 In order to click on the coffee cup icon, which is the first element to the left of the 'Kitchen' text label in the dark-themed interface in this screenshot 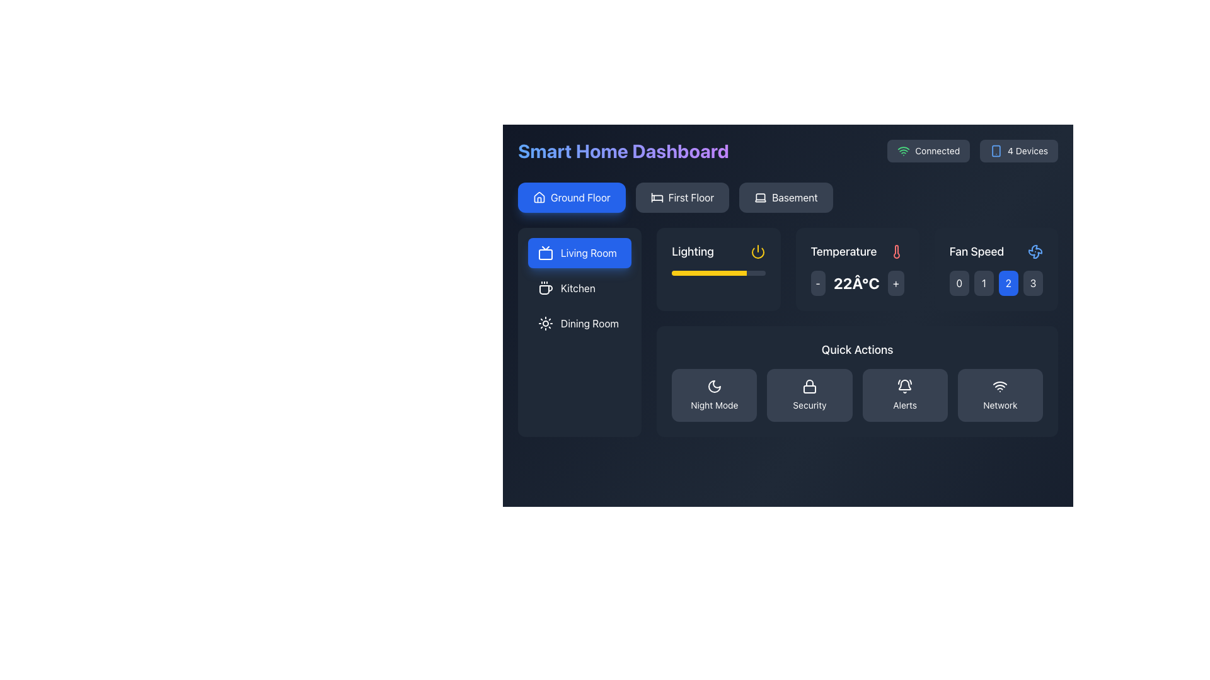, I will do `click(545, 288)`.